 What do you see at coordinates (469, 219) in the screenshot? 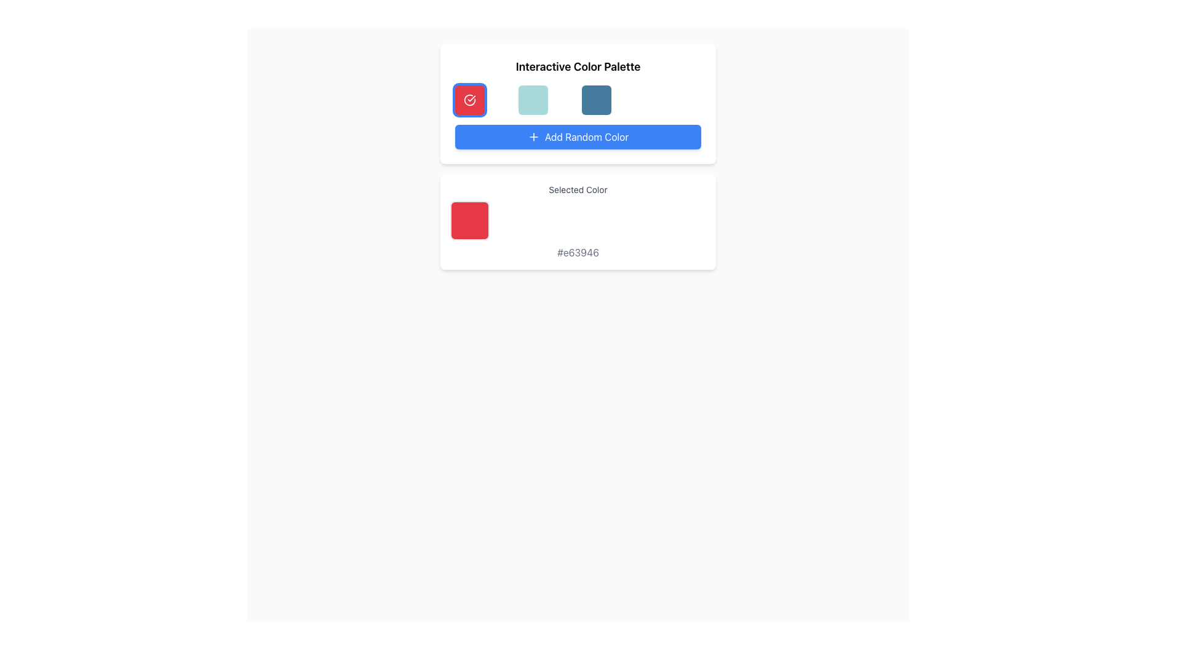
I see `the vibrant red square with rounded corners that represents the selected color, positioned below the 'Selected Color' text and above the color code '#E63946'` at bounding box center [469, 219].